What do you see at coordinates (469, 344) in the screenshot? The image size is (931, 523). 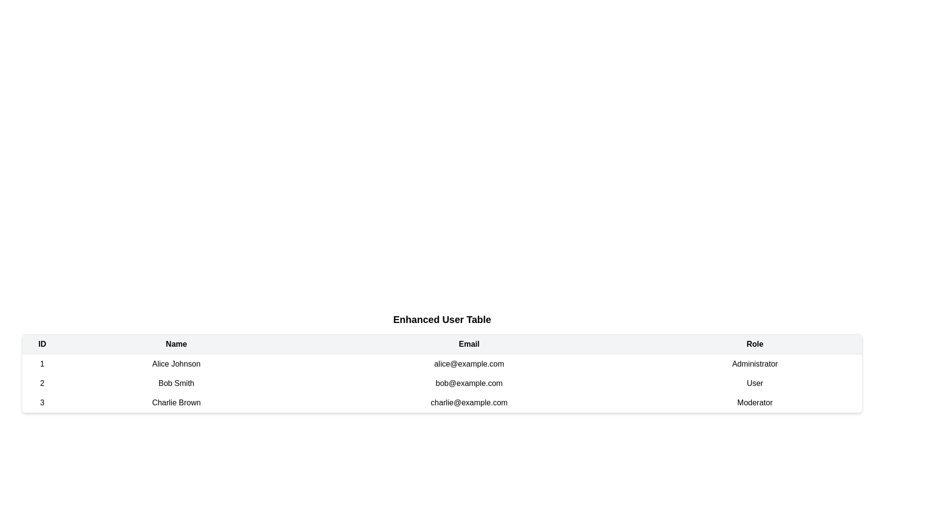 I see `the 'Email' text label, which is a bold, dark font displayed in a light gray rectangular background and is the third header in the table` at bounding box center [469, 344].